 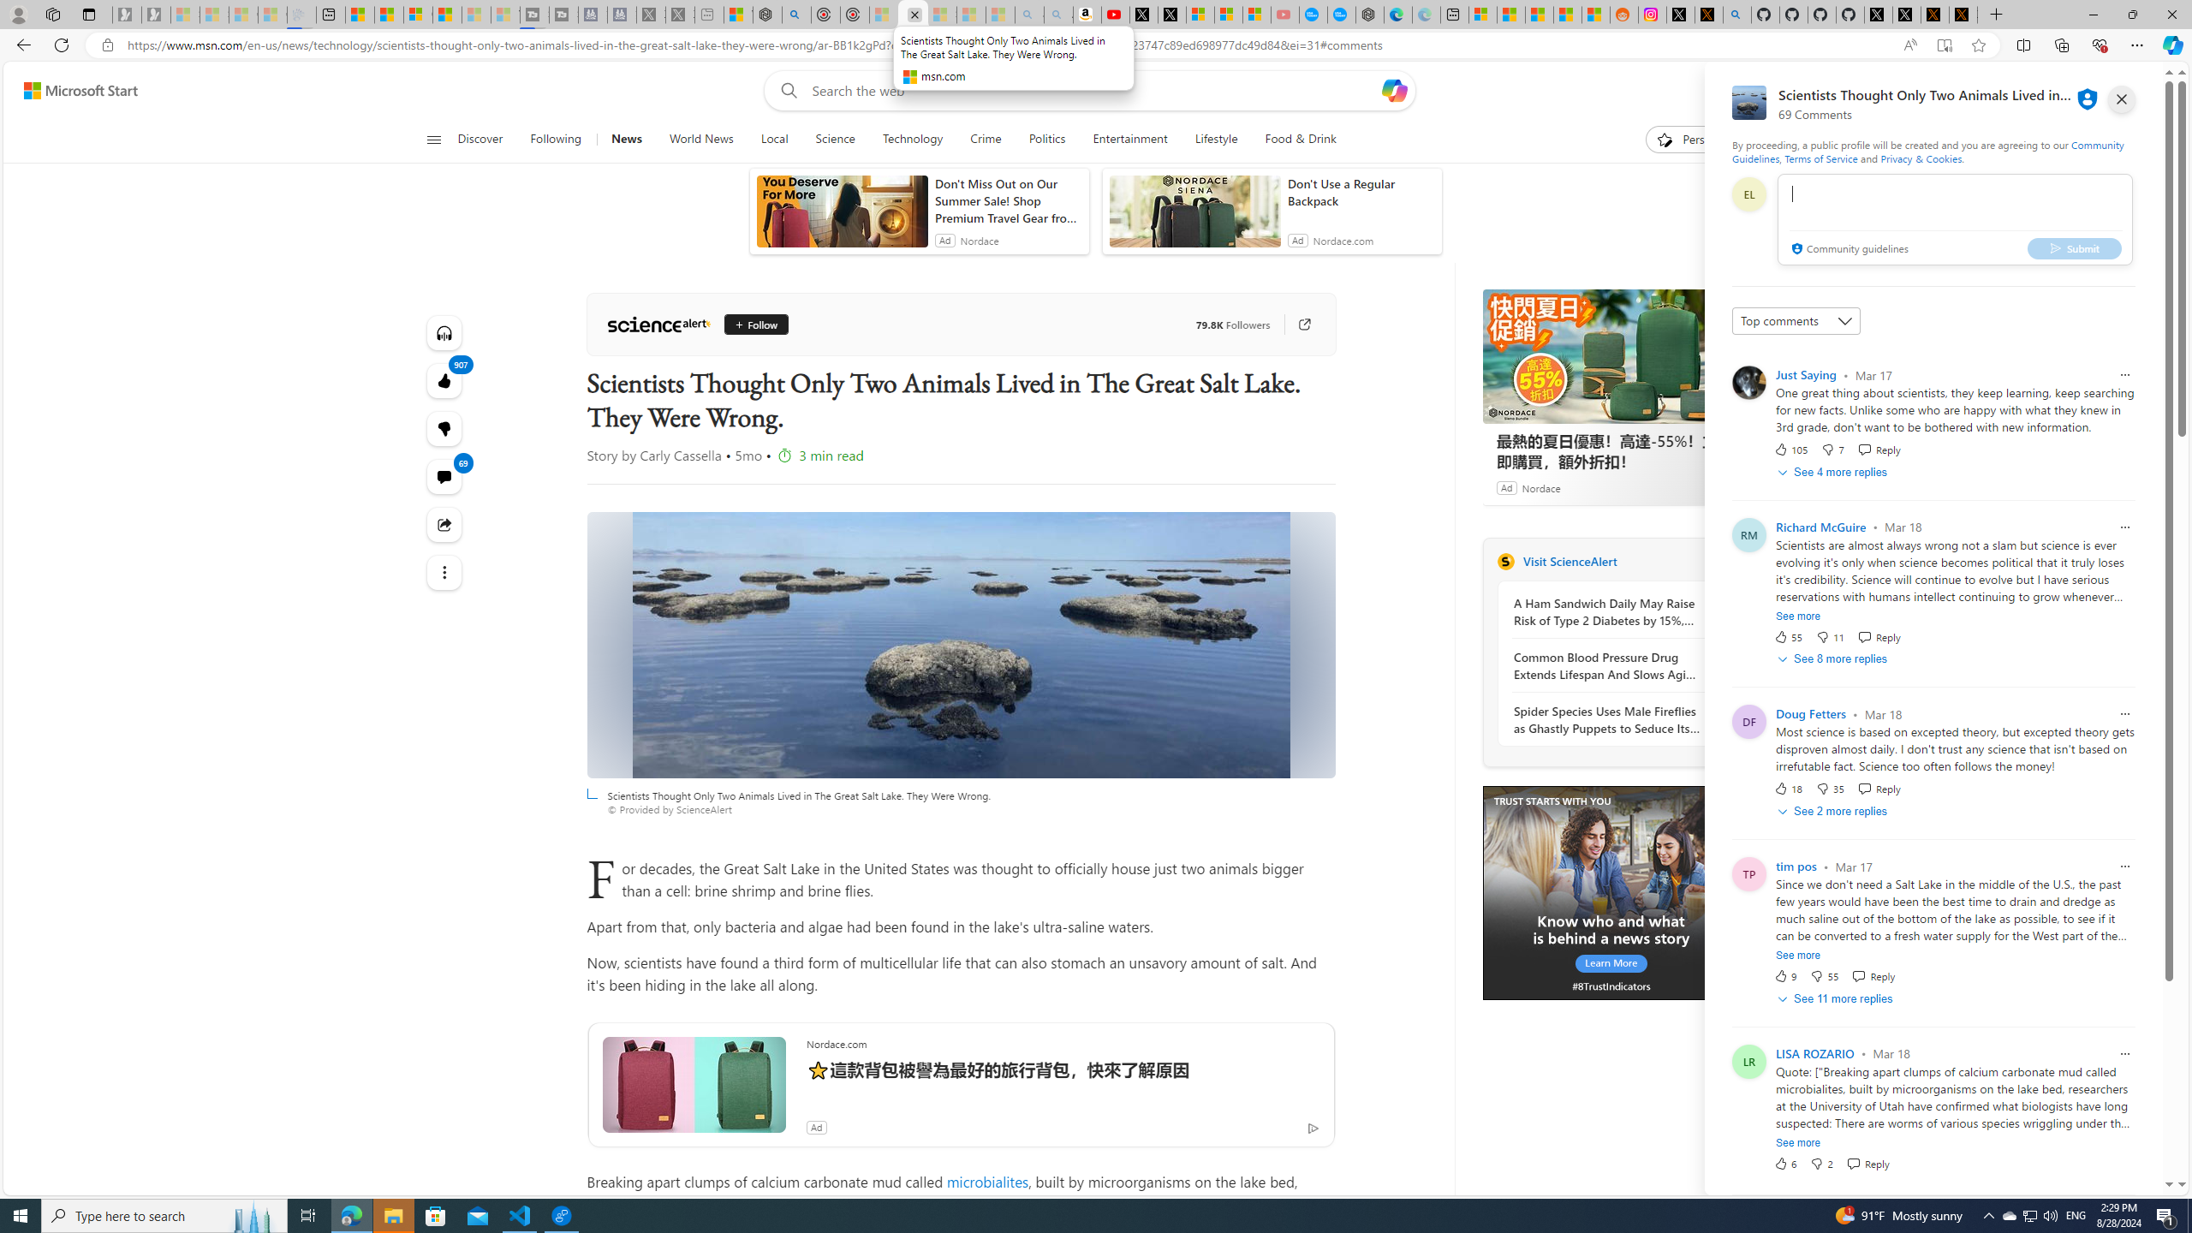 I want to click on 'Doug Fetters', so click(x=1811, y=714).